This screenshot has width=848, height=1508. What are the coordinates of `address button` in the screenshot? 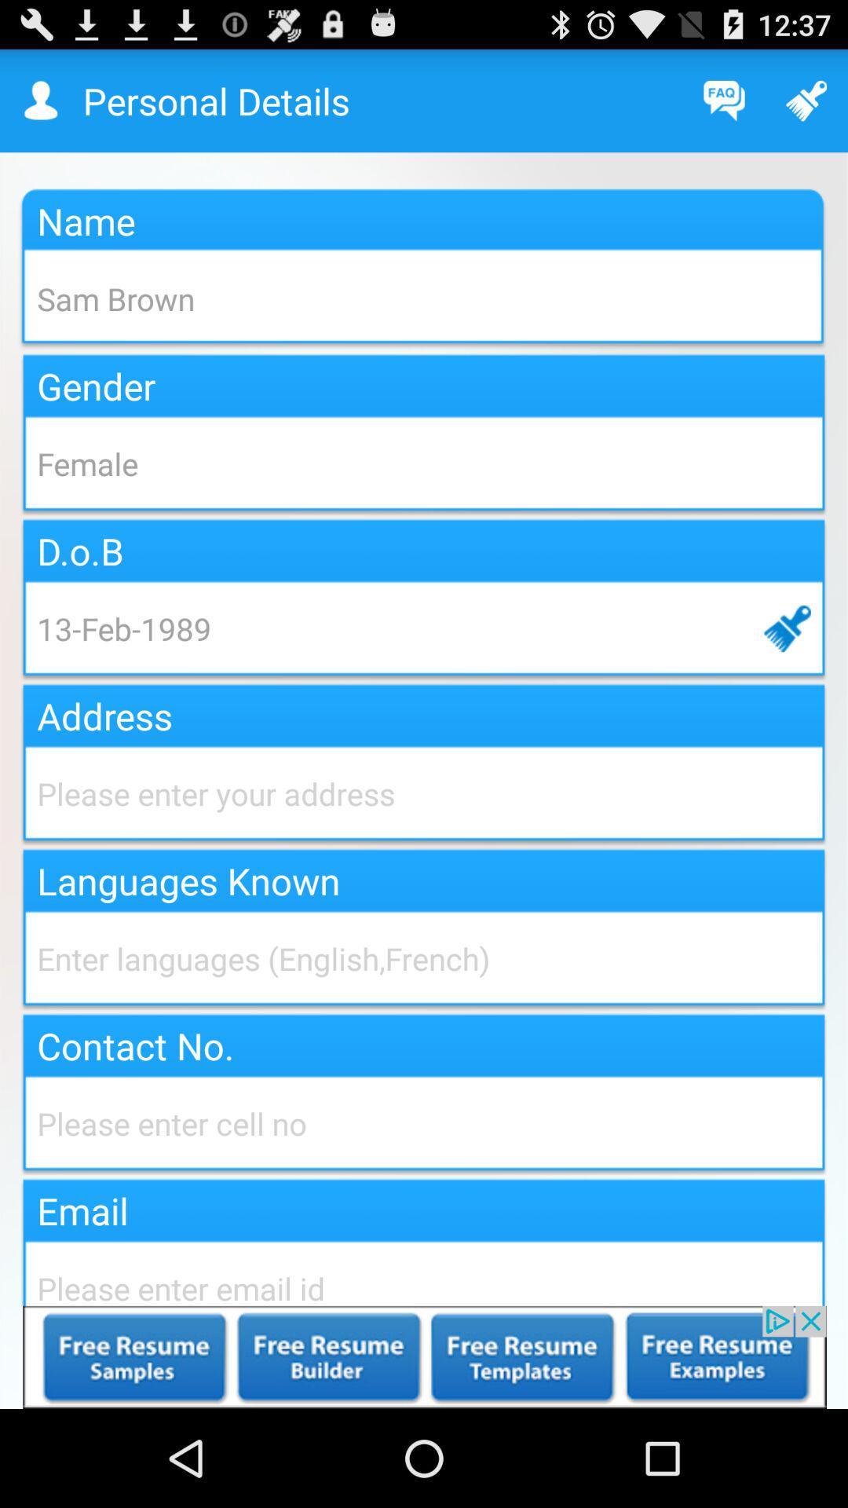 It's located at (424, 793).